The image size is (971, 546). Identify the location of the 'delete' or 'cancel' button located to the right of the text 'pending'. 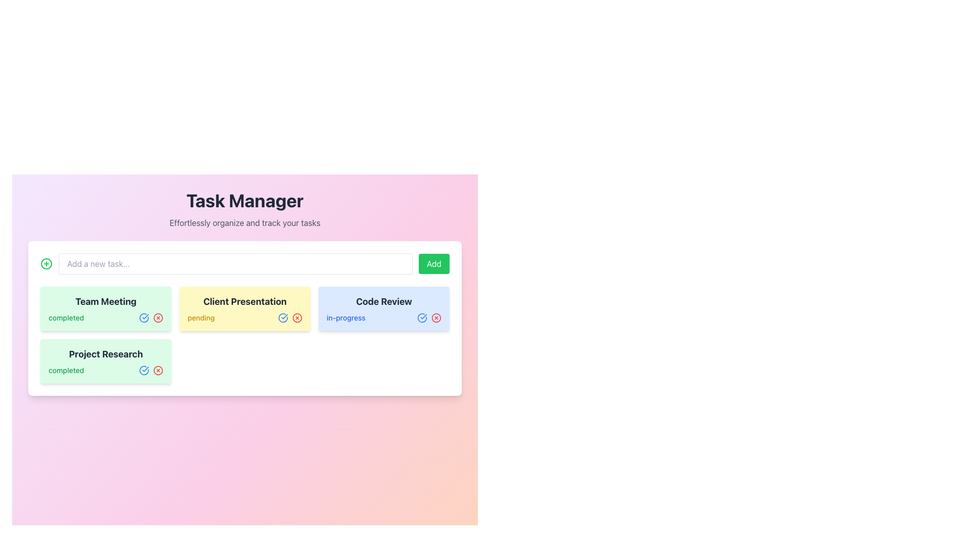
(297, 317).